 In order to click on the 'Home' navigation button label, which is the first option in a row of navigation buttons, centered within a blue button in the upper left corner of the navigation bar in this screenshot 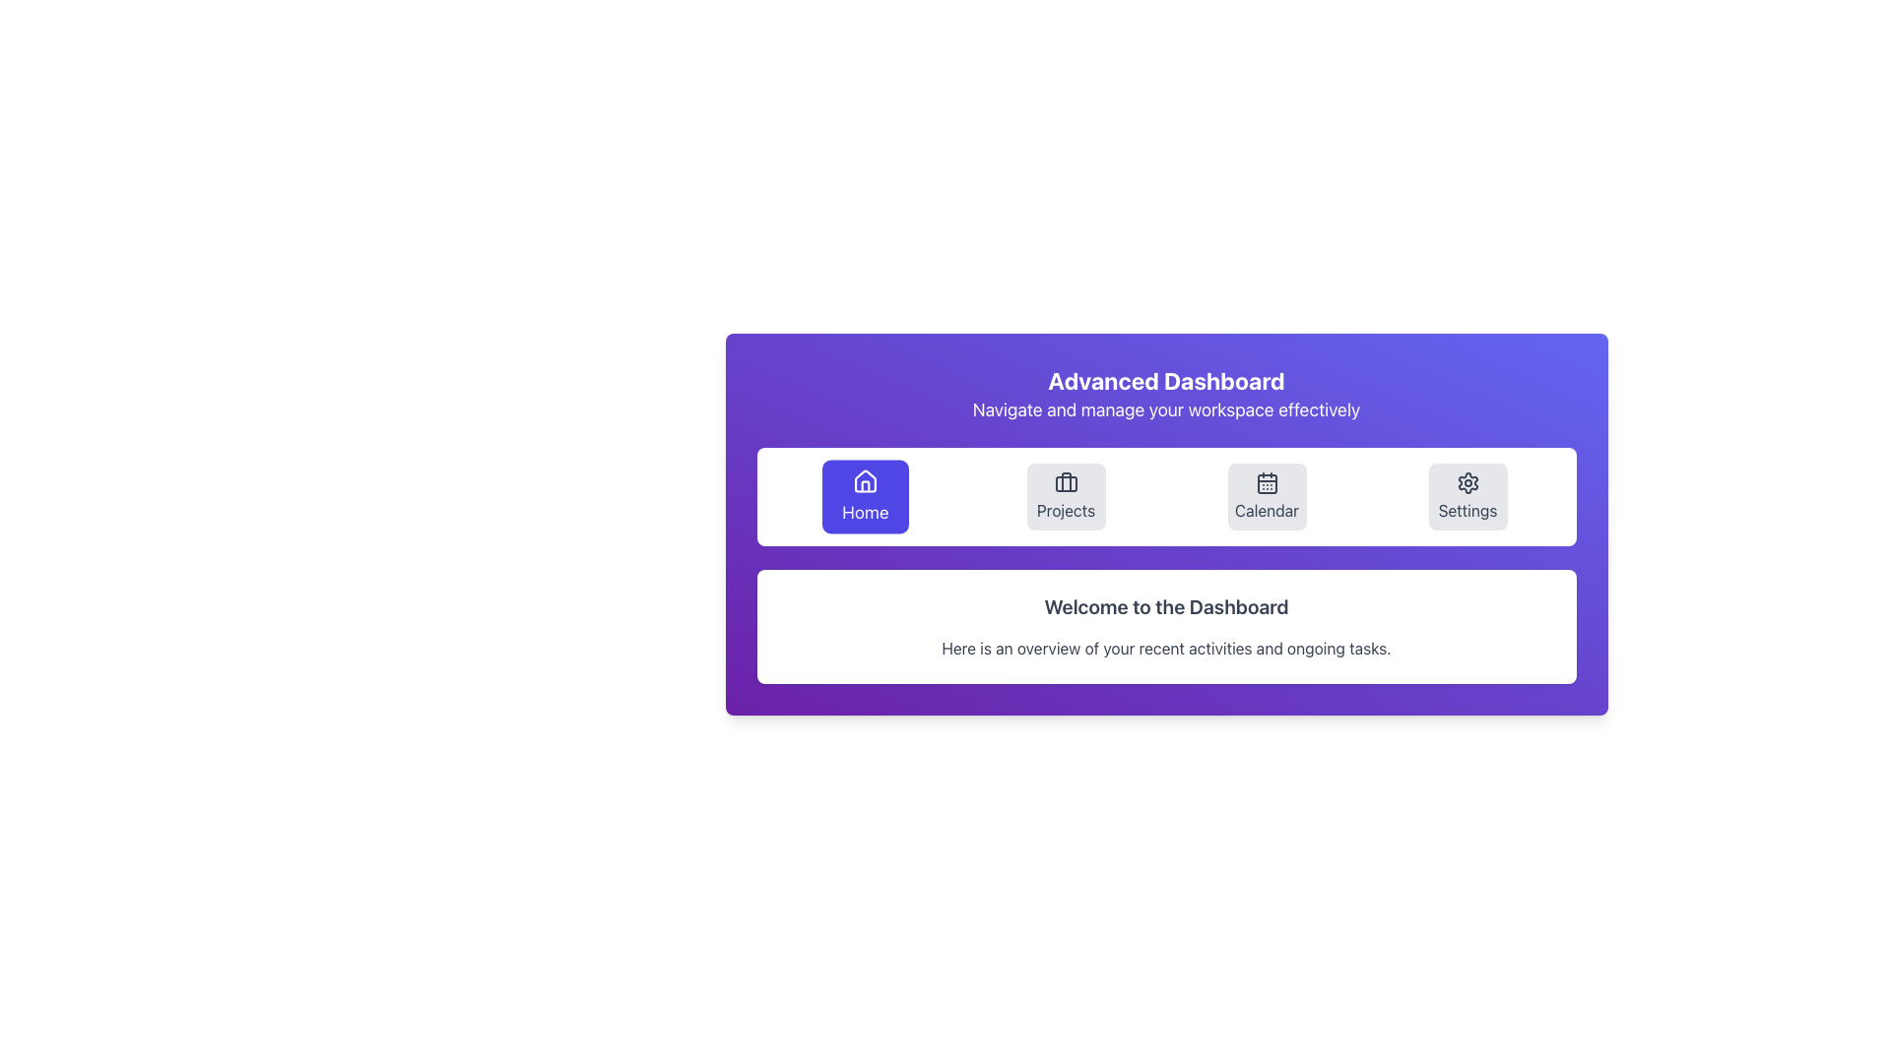, I will do `click(865, 511)`.